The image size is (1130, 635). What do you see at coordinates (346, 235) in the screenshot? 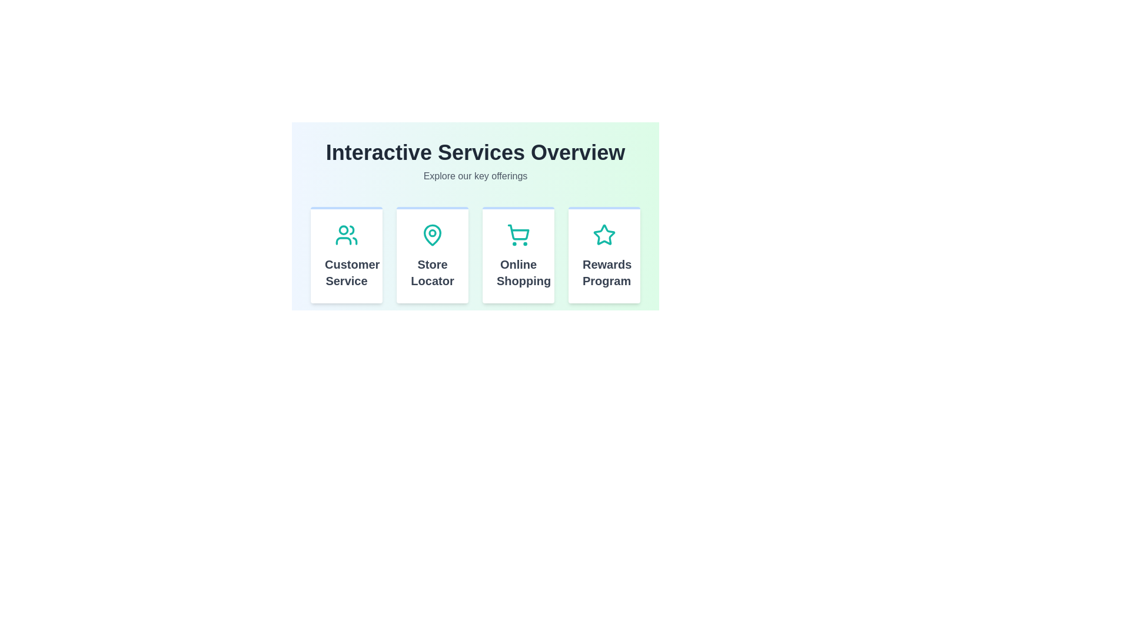
I see `the teal icon representing a group of people, located at the top-center of the 'Customer Service' card in the 'Interactive Services Overview'` at bounding box center [346, 235].